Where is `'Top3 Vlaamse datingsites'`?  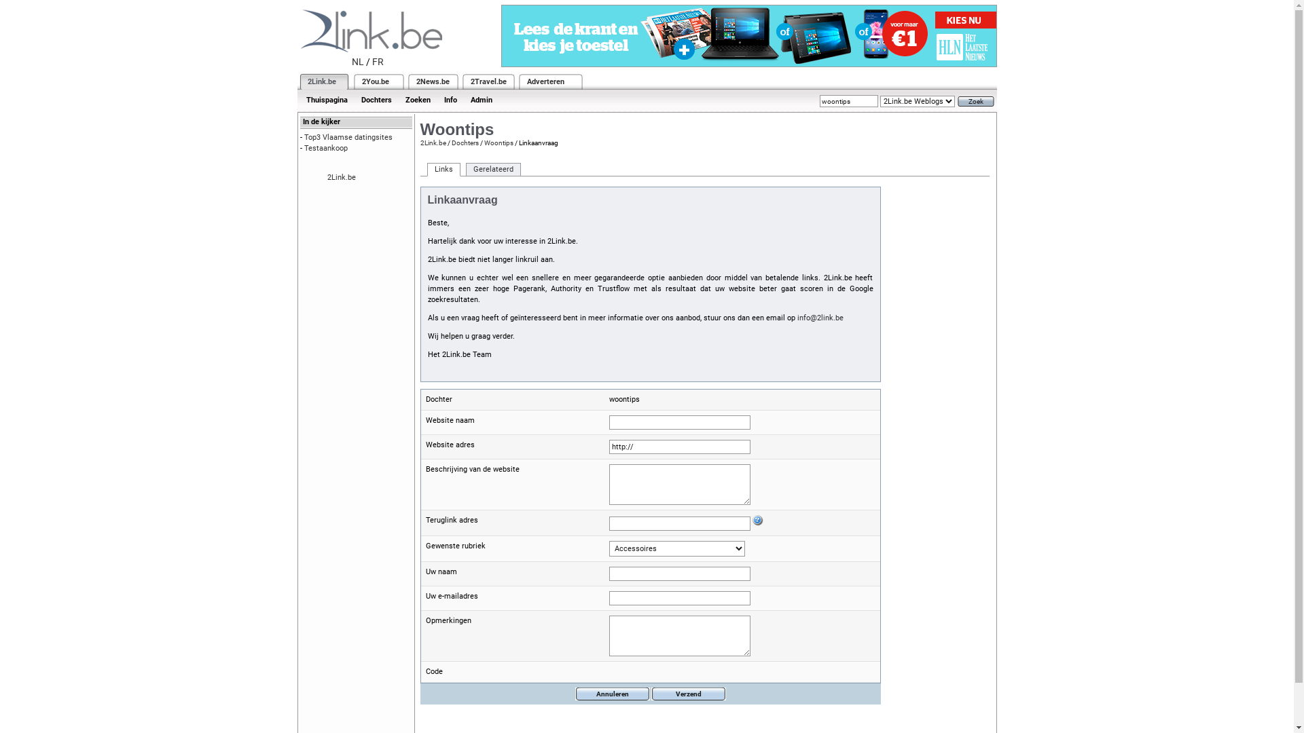 'Top3 Vlaamse datingsites' is located at coordinates (348, 137).